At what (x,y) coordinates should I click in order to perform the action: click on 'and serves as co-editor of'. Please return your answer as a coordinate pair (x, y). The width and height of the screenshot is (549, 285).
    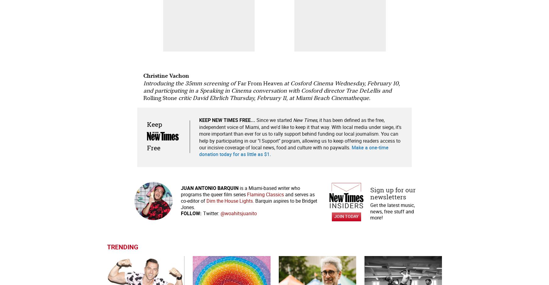
    Looking at the image, I should click on (181, 197).